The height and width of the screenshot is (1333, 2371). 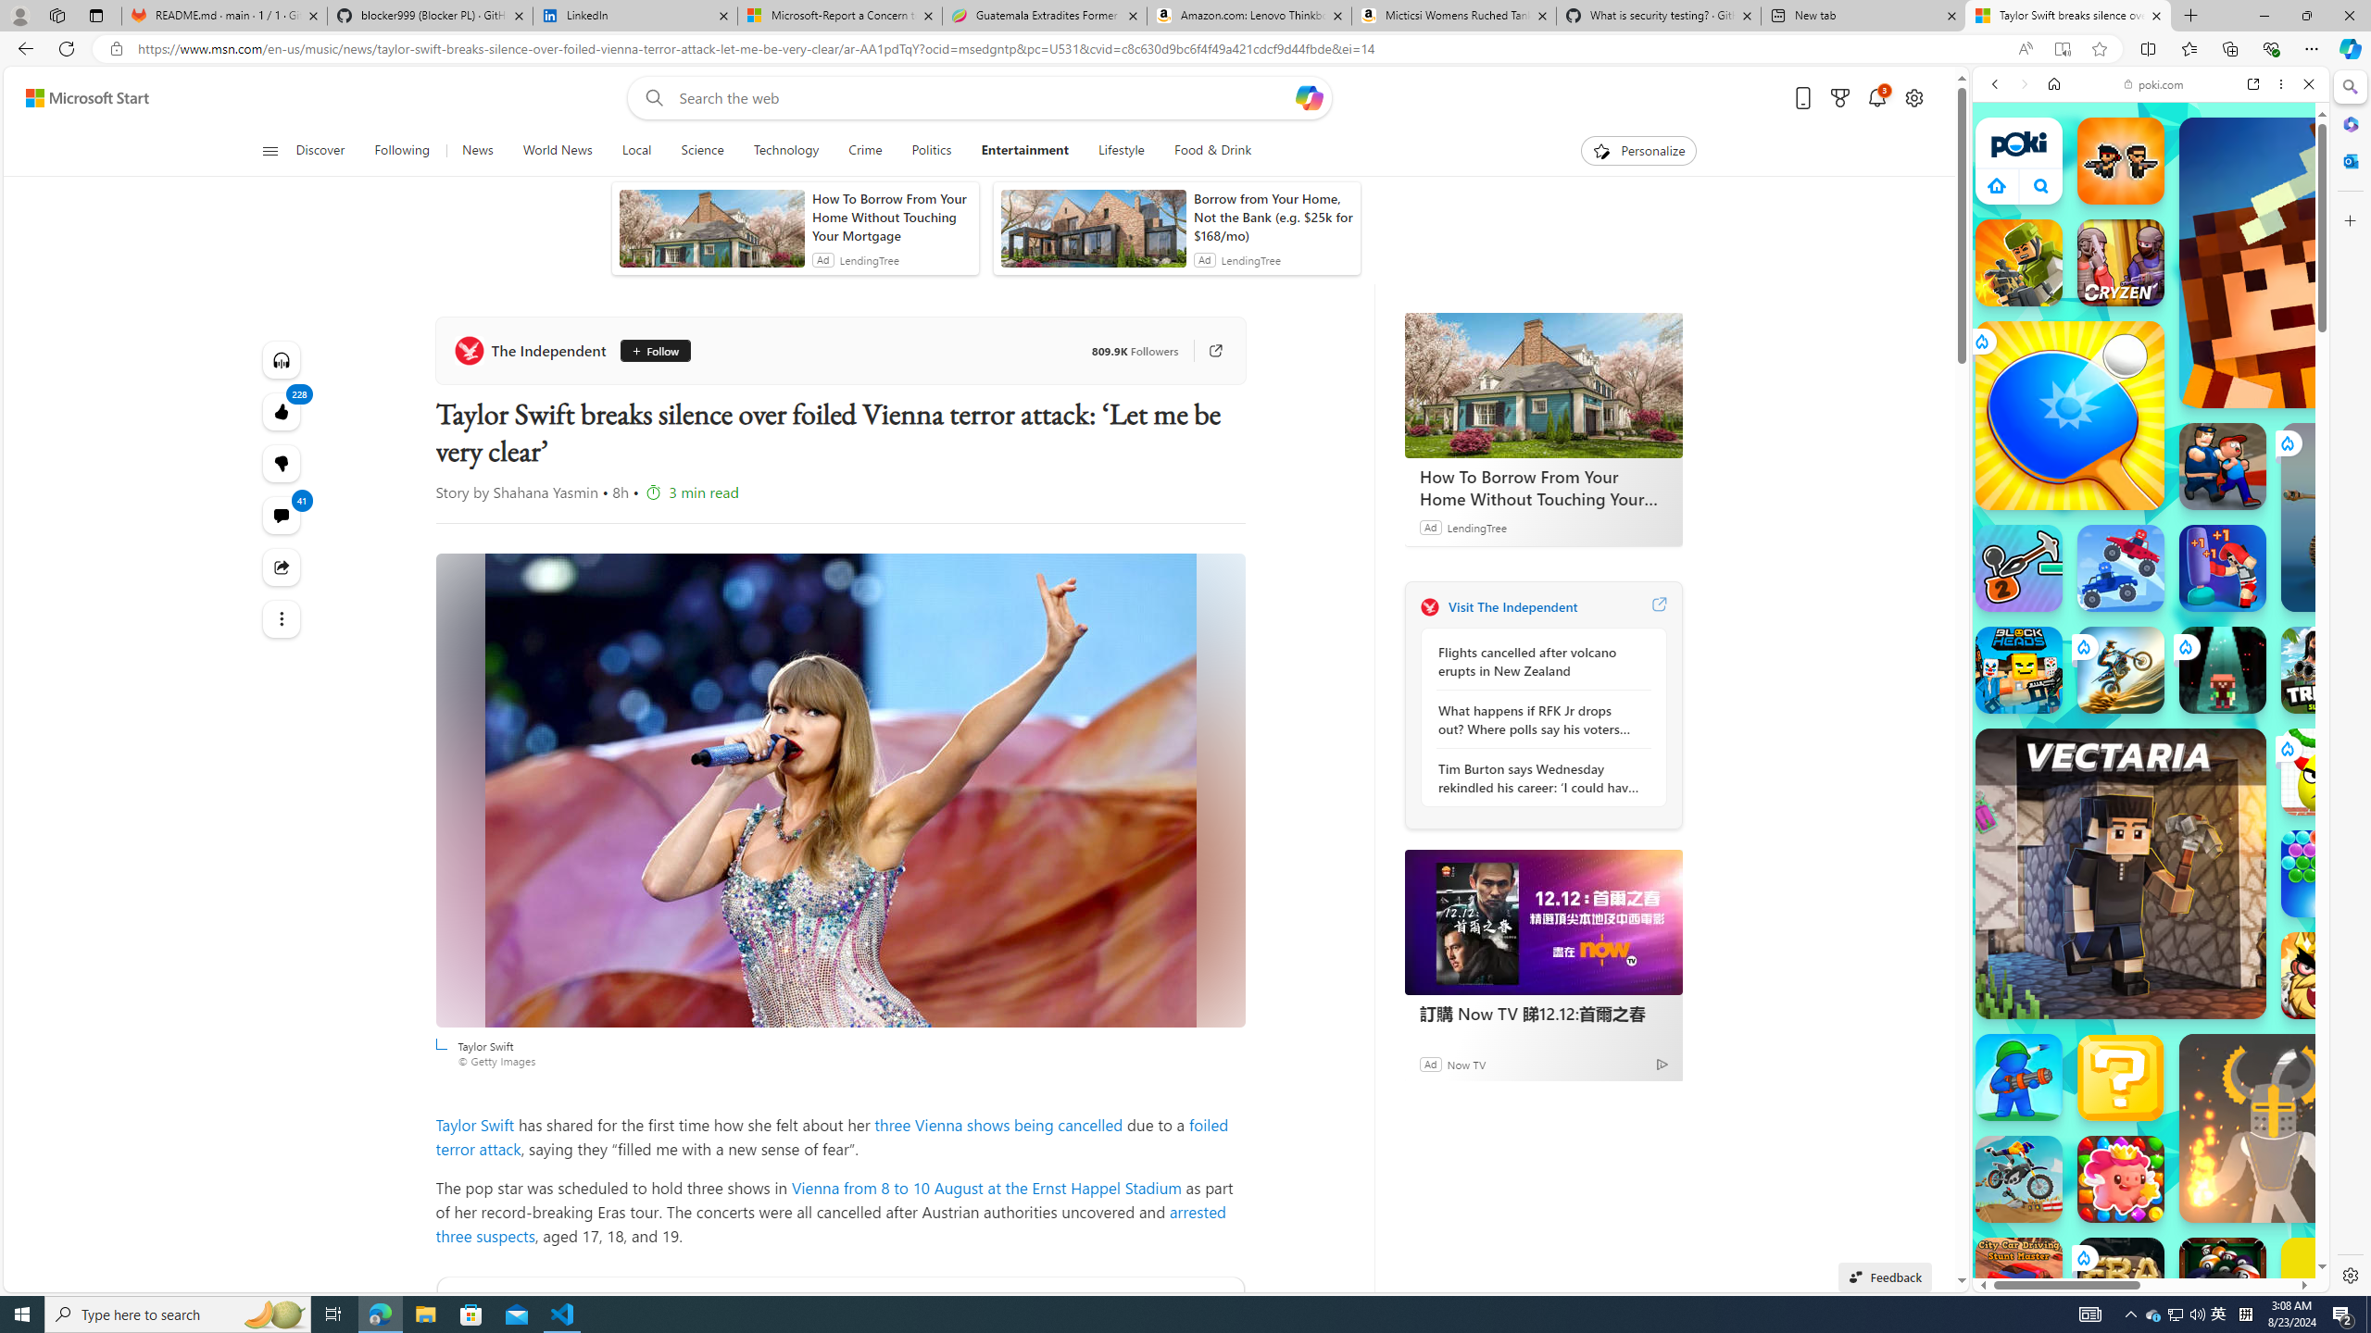 I want to click on 'Escape From School Escape From School', so click(x=2223, y=465).